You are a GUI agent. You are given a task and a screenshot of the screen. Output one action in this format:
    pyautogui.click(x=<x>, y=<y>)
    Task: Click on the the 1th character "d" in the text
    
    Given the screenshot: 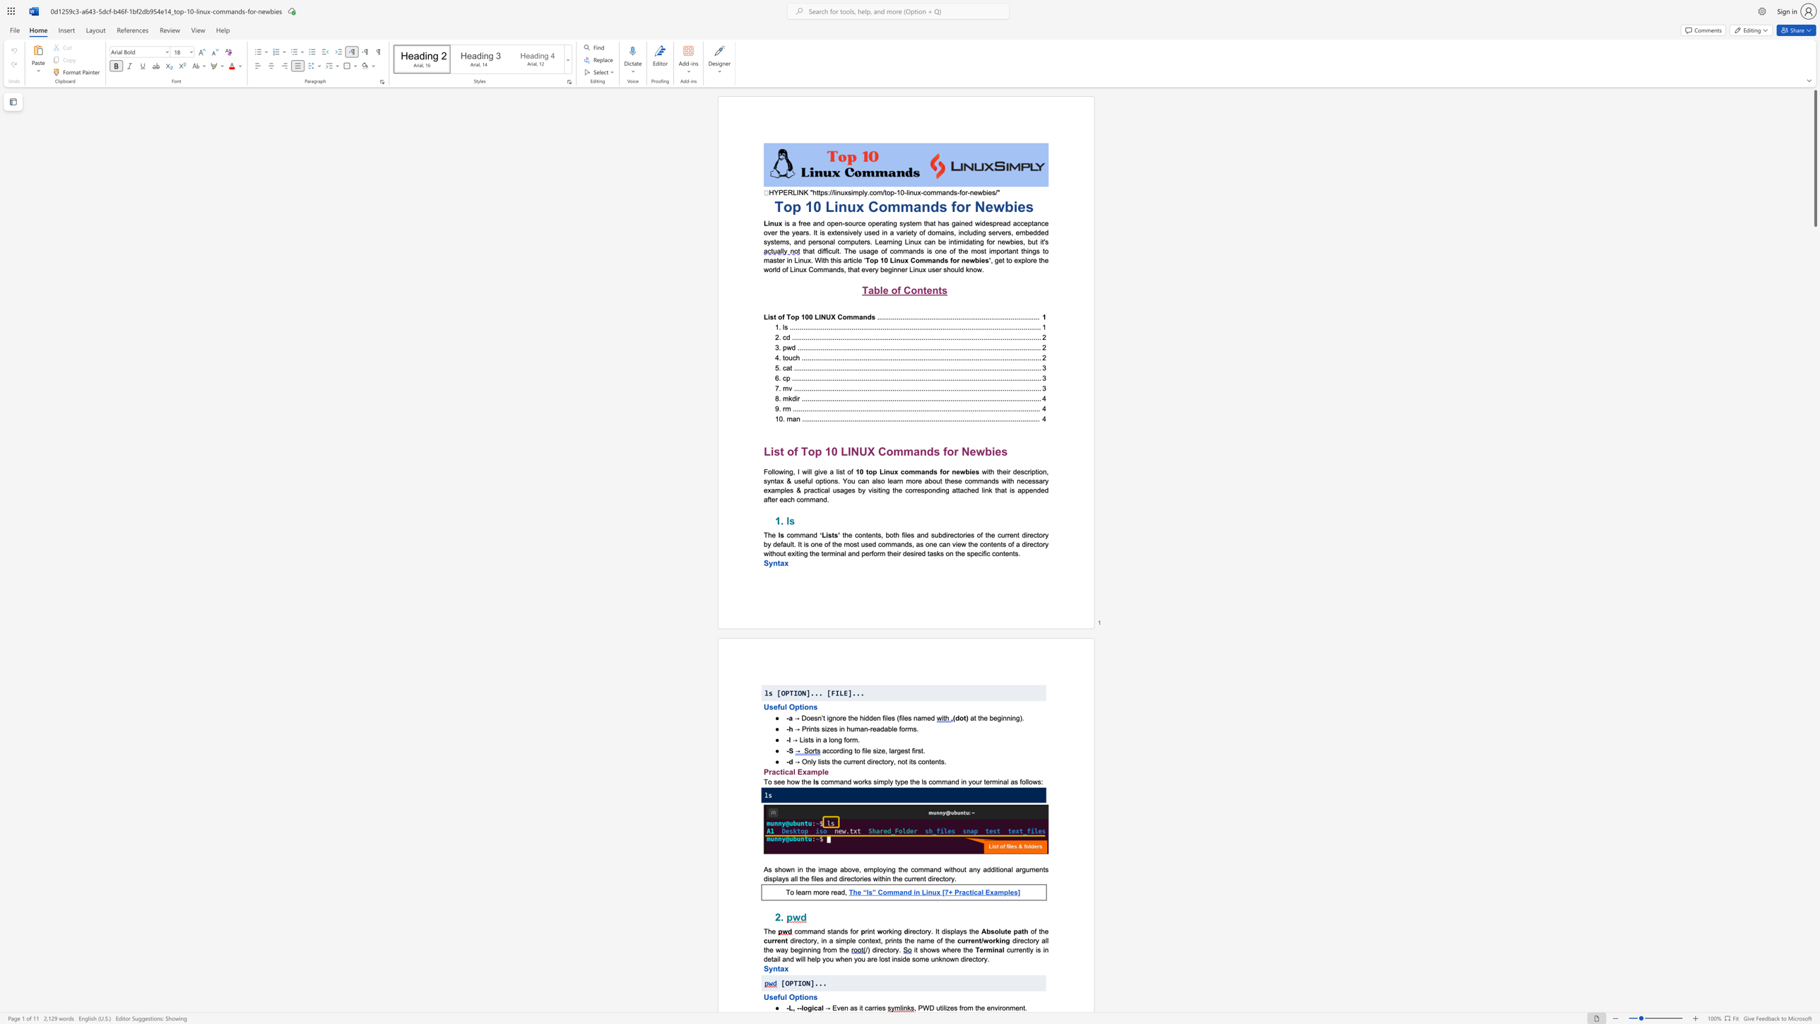 What is the action you would take?
    pyautogui.click(x=943, y=931)
    